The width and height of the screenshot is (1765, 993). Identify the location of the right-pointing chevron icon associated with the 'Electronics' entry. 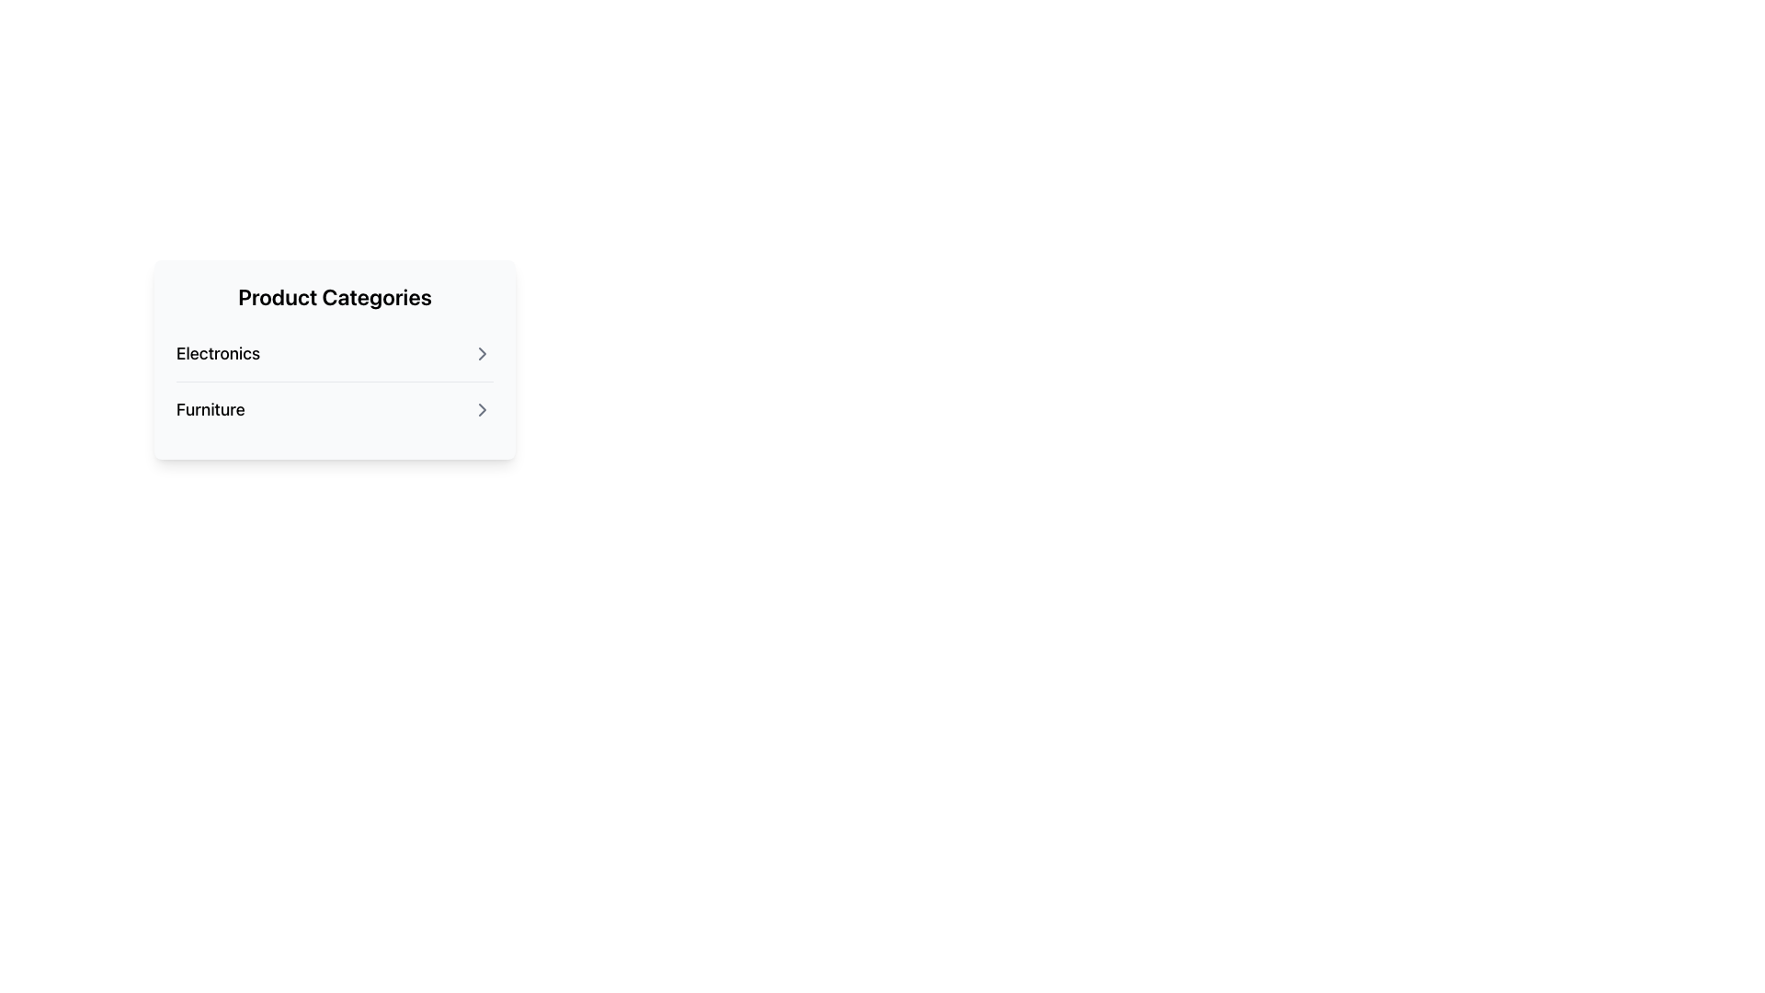
(482, 354).